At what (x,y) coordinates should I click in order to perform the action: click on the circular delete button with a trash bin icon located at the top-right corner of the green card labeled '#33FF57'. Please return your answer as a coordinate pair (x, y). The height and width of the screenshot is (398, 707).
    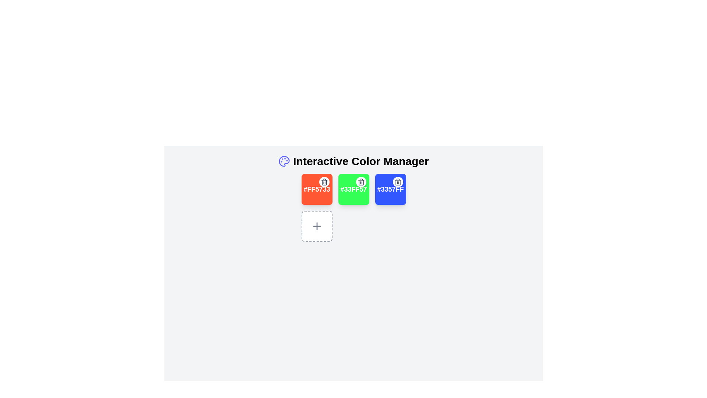
    Looking at the image, I should click on (361, 182).